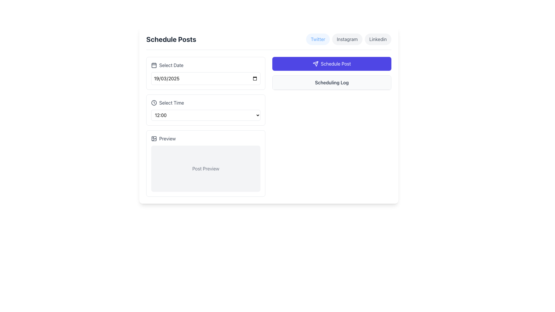 Image resolution: width=555 pixels, height=312 pixels. What do you see at coordinates (336, 64) in the screenshot?
I see `the static text label within the 'Schedule Post' button located in the top-right section of the user interface` at bounding box center [336, 64].